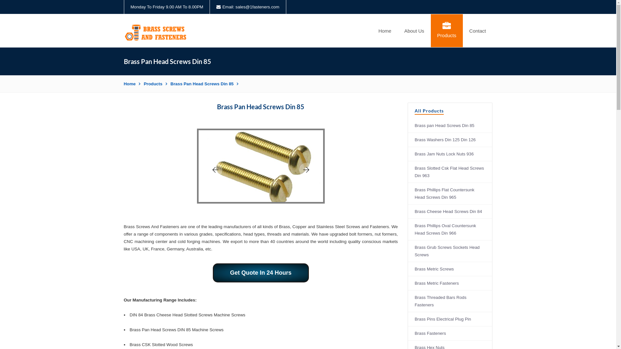 This screenshot has height=349, width=621. I want to click on 'sales@1fasteners.com', so click(257, 7).